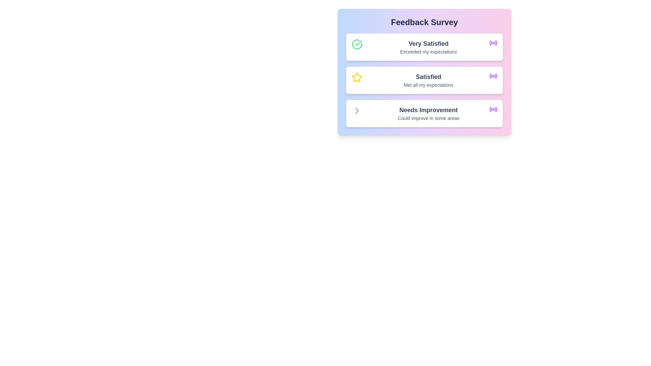 The width and height of the screenshot is (651, 366). Describe the element at coordinates (356, 44) in the screenshot. I see `the confirmation status icon located at the top left of the feedback options, adjacent to the 'Very Satisfied' label` at that location.